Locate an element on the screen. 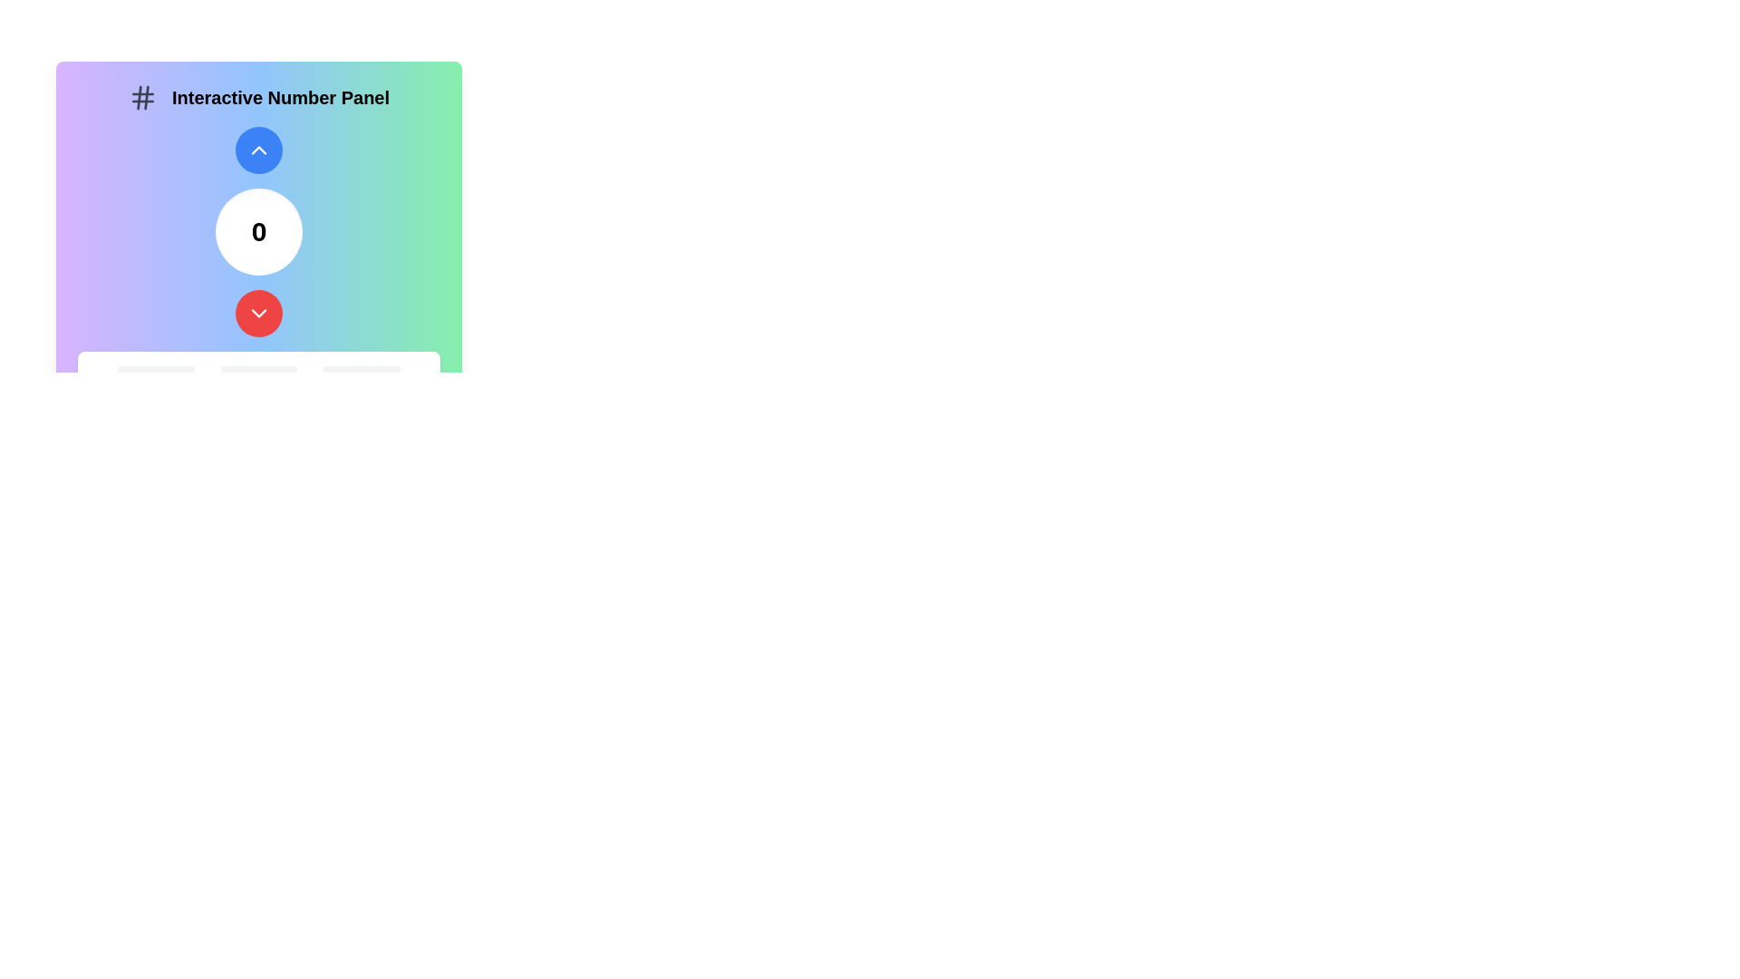 The height and width of the screenshot is (979, 1740). the static display element that shows a numeric value in the interactive number panel by moving the cursor to its center point is located at coordinates (258, 230).